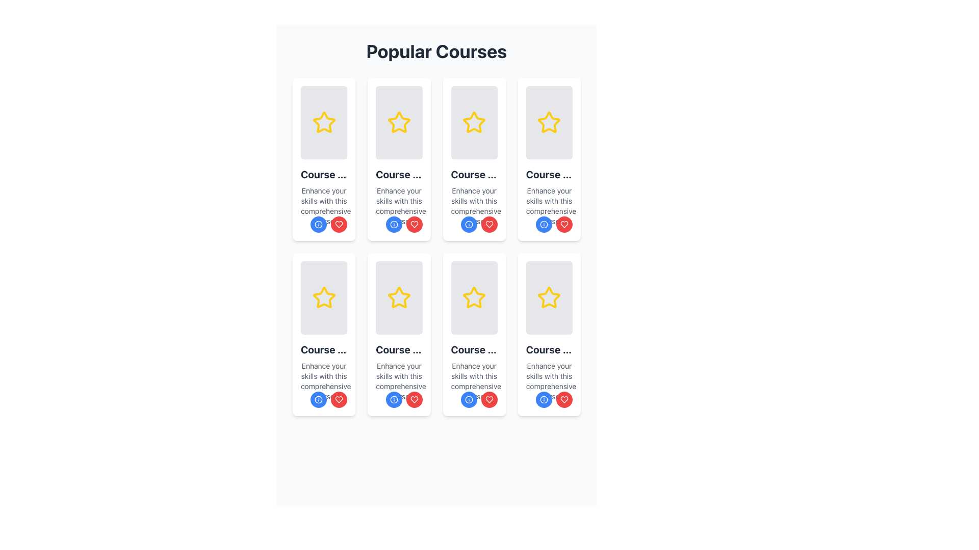 The width and height of the screenshot is (979, 550). I want to click on the heart icon within the button on the course card, so click(564, 224).